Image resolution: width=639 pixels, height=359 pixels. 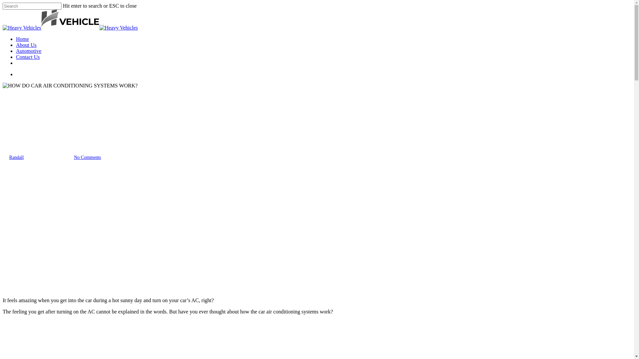 I want to click on 'Randall', so click(x=16, y=157).